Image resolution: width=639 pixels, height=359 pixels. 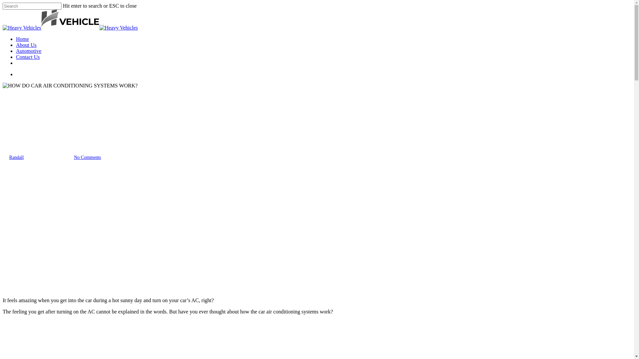 I want to click on 'Randall', so click(x=16, y=157).